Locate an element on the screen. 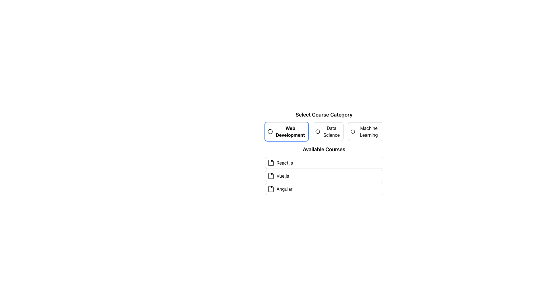 The height and width of the screenshot is (307, 546). the 'Machine Learning' radio button to activate this category is located at coordinates (365, 131).